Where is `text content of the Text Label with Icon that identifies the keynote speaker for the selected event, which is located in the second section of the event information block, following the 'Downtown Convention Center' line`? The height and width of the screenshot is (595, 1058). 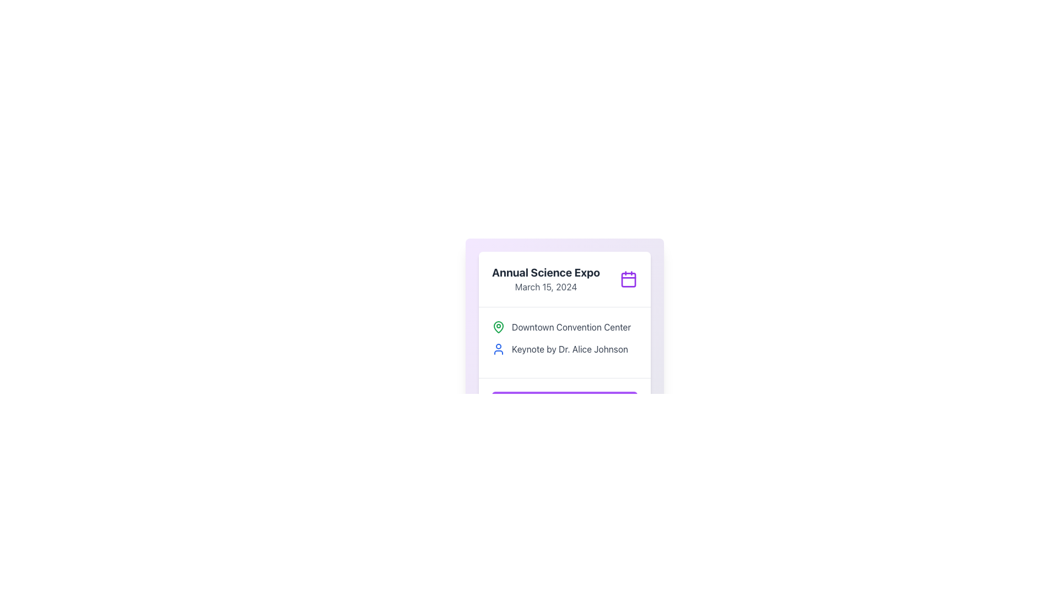 text content of the Text Label with Icon that identifies the keynote speaker for the selected event, which is located in the second section of the event information block, following the 'Downtown Convention Center' line is located at coordinates (565, 349).